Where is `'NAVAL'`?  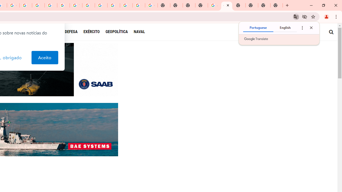 'NAVAL' is located at coordinates (139, 31).